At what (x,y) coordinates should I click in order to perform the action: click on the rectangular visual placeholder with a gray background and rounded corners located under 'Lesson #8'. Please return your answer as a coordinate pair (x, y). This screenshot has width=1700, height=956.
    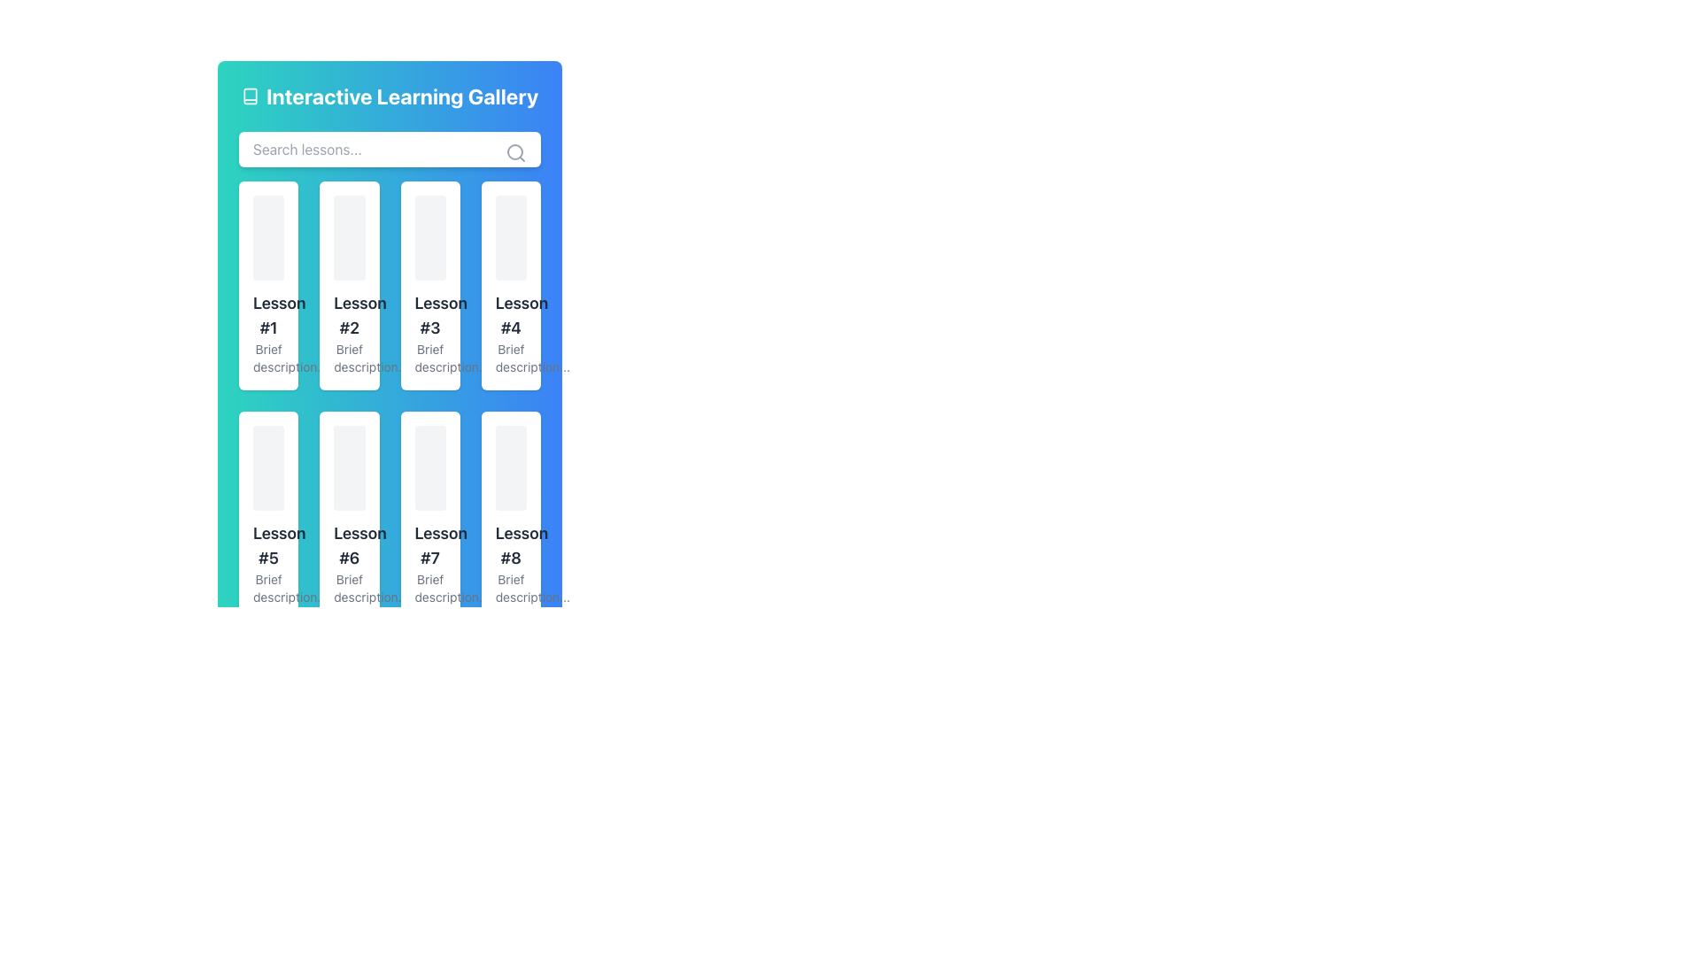
    Looking at the image, I should click on (510, 466).